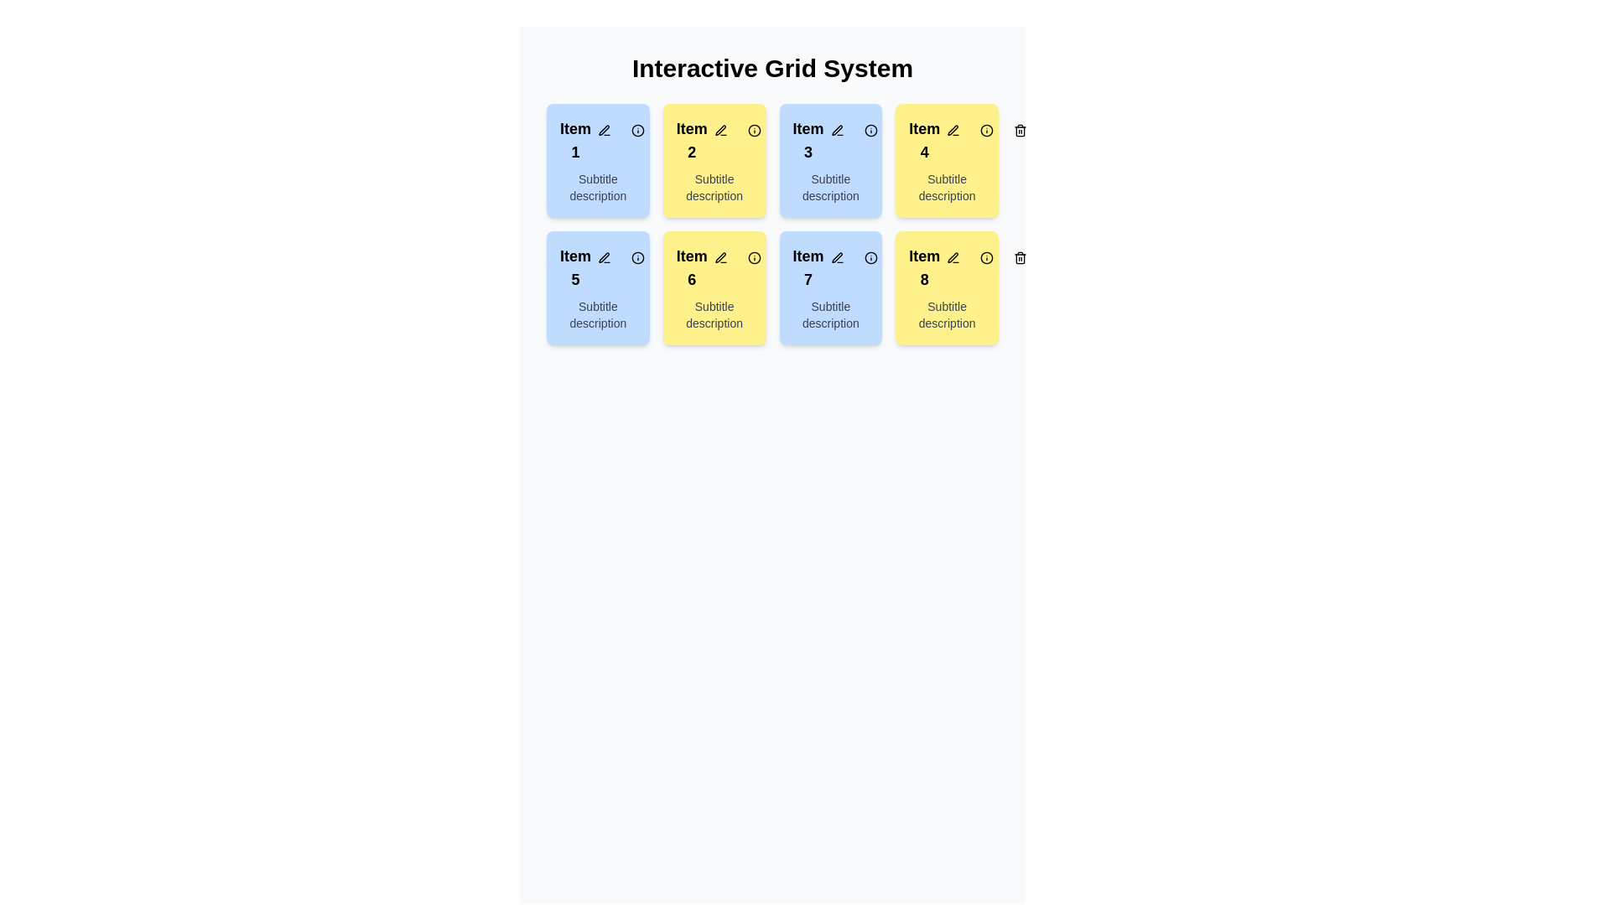 Image resolution: width=1610 pixels, height=905 pixels. I want to click on the second icon button in the group of three action icons on the card labeled 'Item 5' for additional action, so click(637, 258).